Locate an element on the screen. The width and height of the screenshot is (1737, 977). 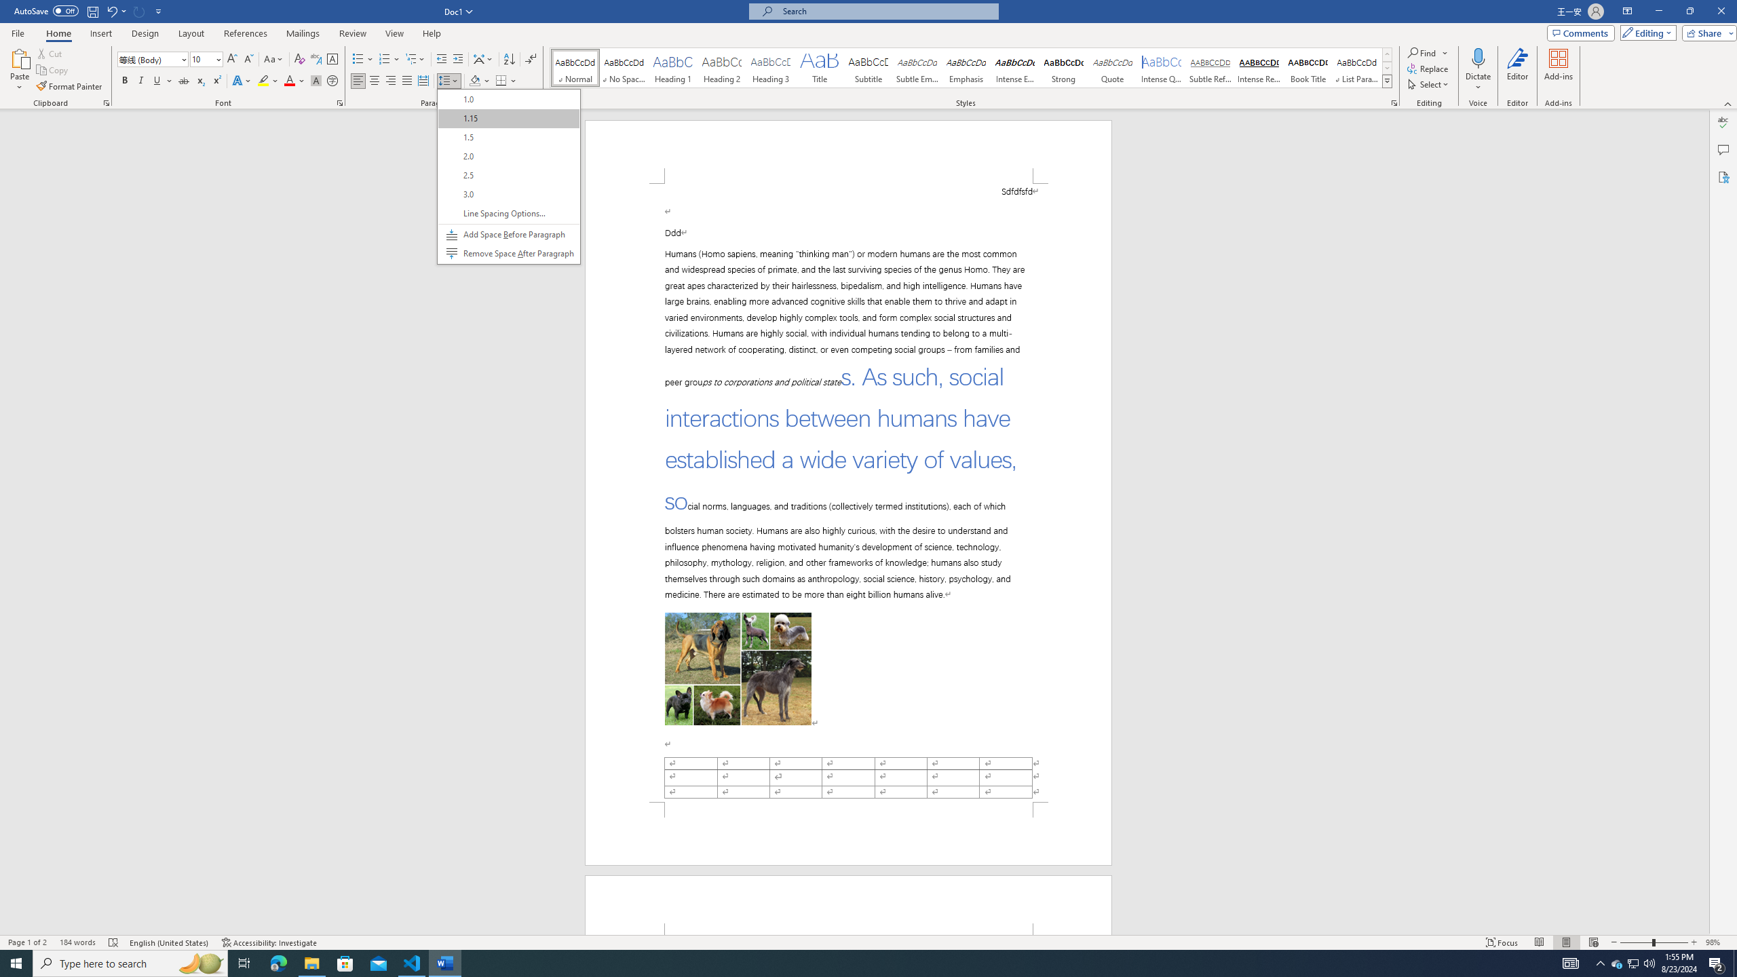
'Character Shading' is located at coordinates (315, 80).